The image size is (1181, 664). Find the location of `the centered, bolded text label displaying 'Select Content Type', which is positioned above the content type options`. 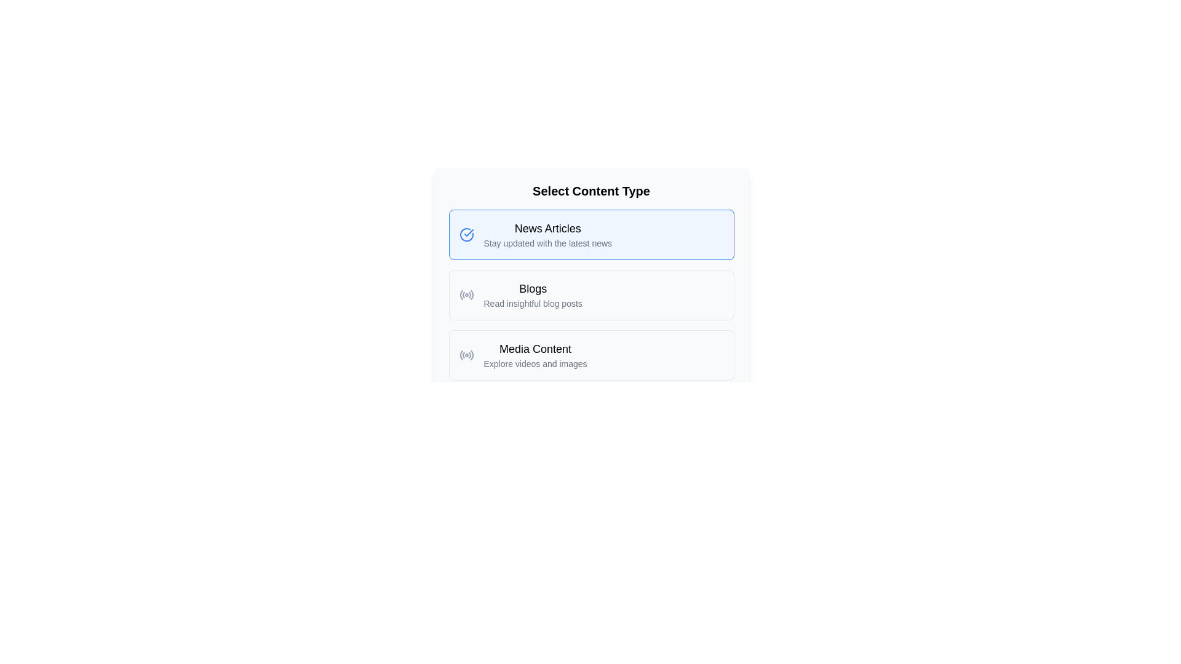

the centered, bolded text label displaying 'Select Content Type', which is positioned above the content type options is located at coordinates (591, 191).